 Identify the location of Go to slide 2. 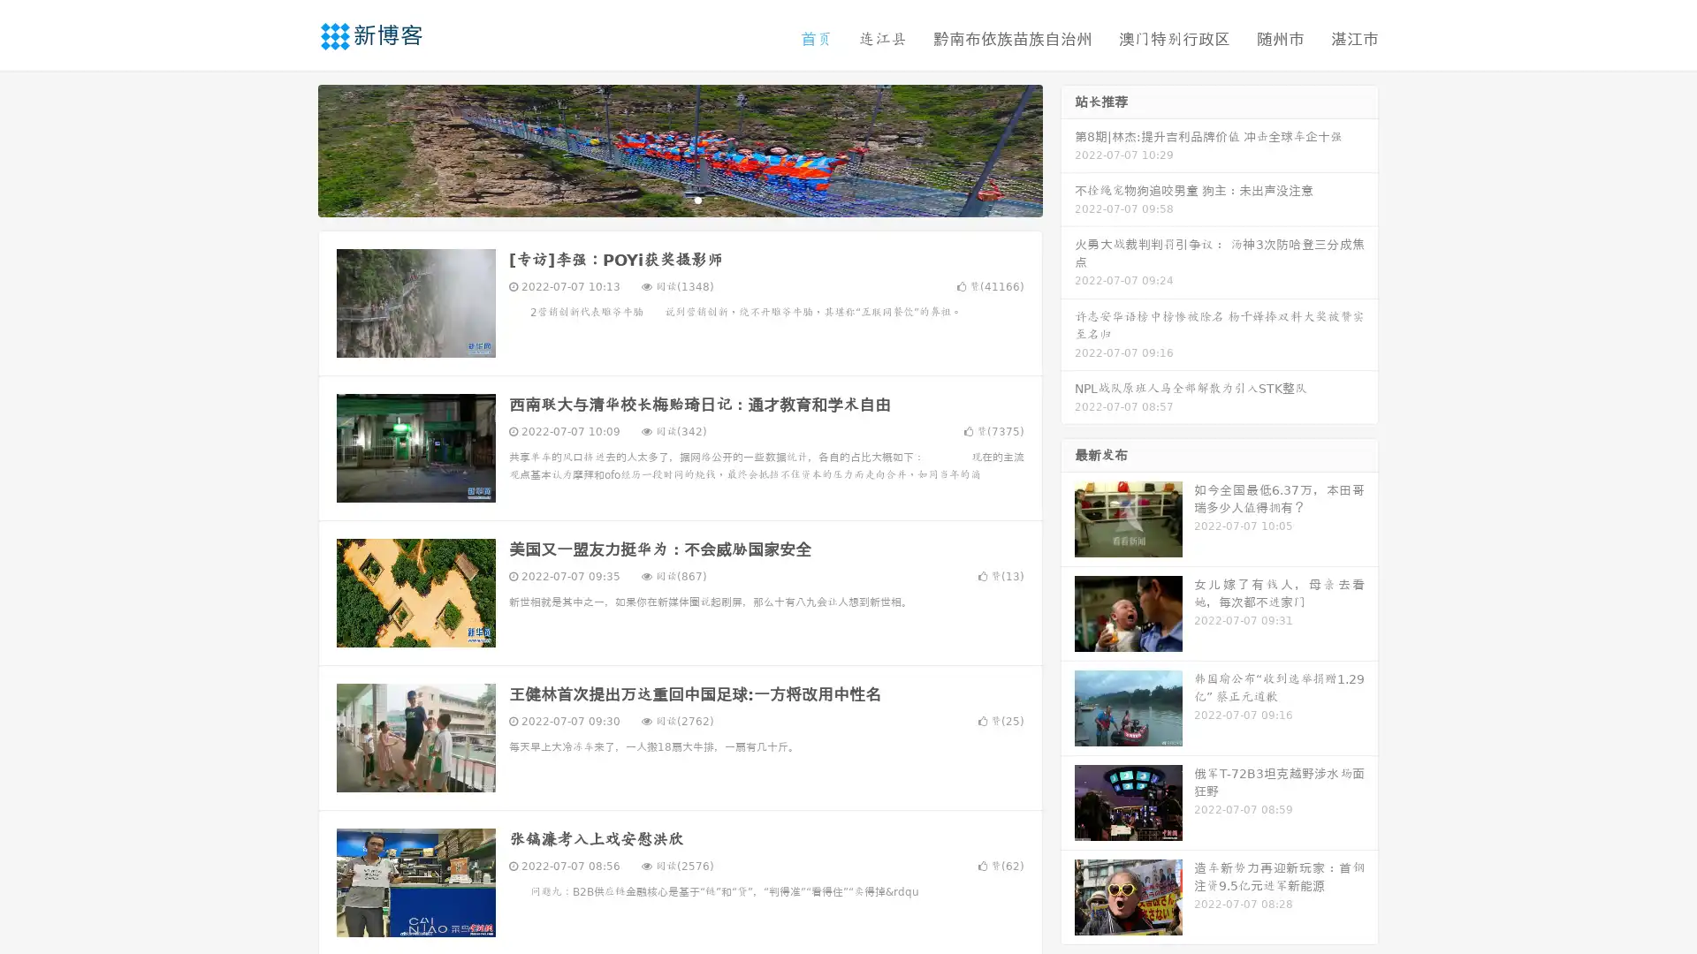
(679, 199).